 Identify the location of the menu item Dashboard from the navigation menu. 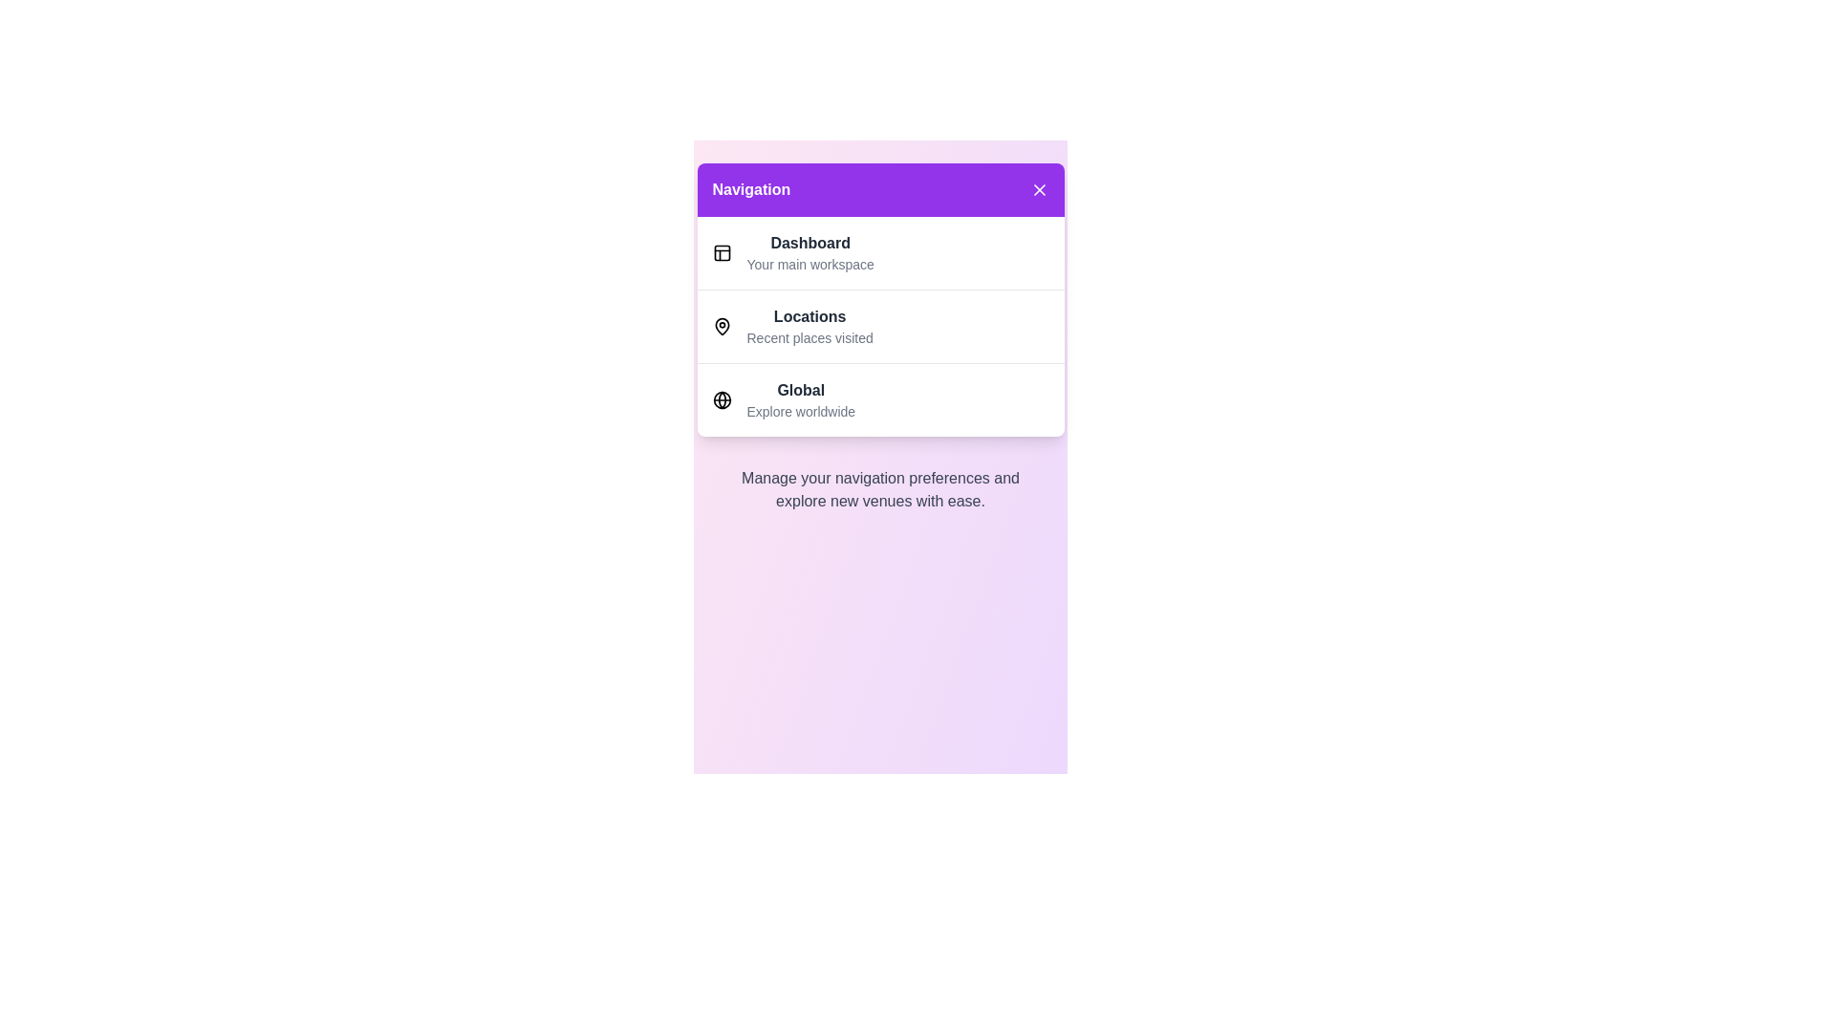
(811, 252).